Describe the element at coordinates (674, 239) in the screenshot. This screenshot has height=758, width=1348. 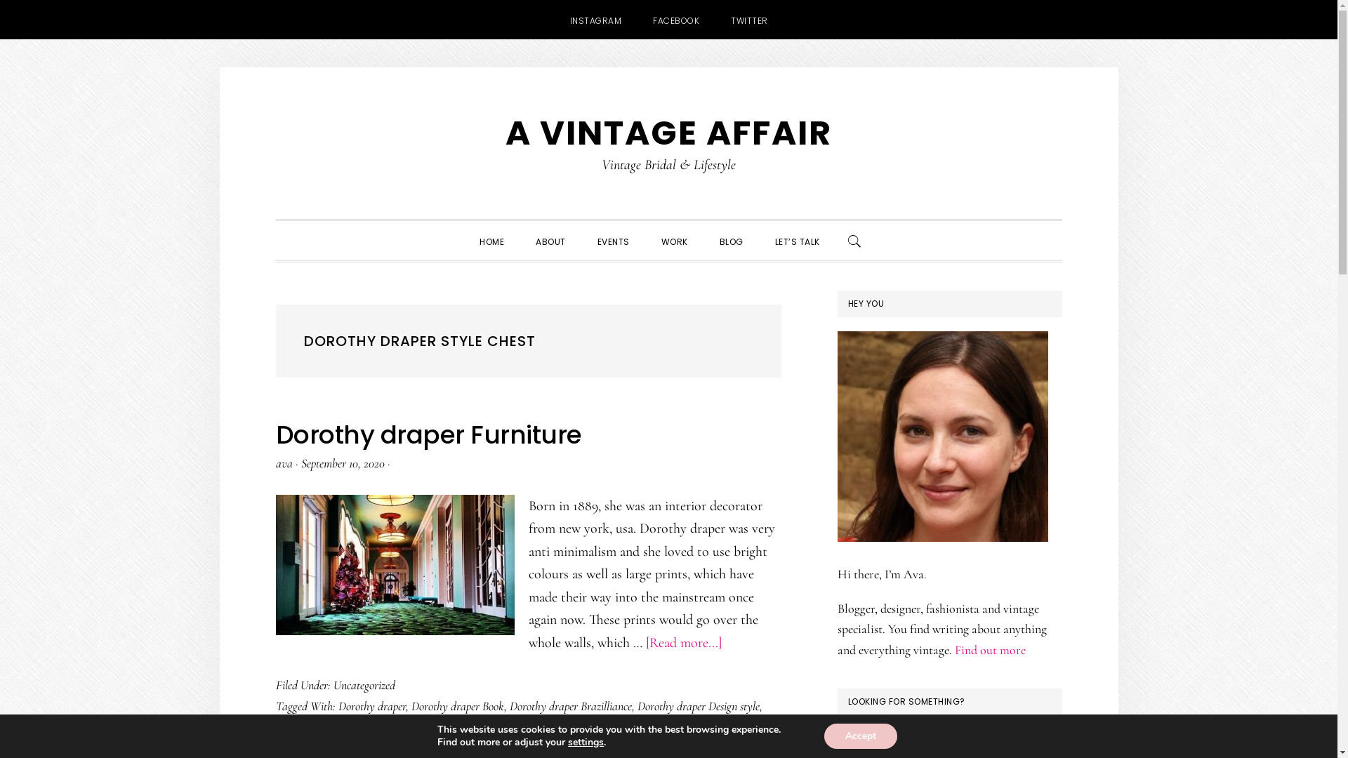
I see `'WORK'` at that location.